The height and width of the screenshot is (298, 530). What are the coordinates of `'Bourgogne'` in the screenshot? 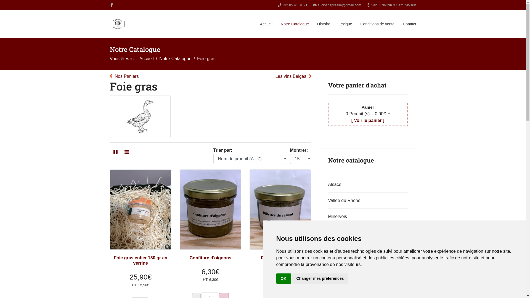 It's located at (367, 264).